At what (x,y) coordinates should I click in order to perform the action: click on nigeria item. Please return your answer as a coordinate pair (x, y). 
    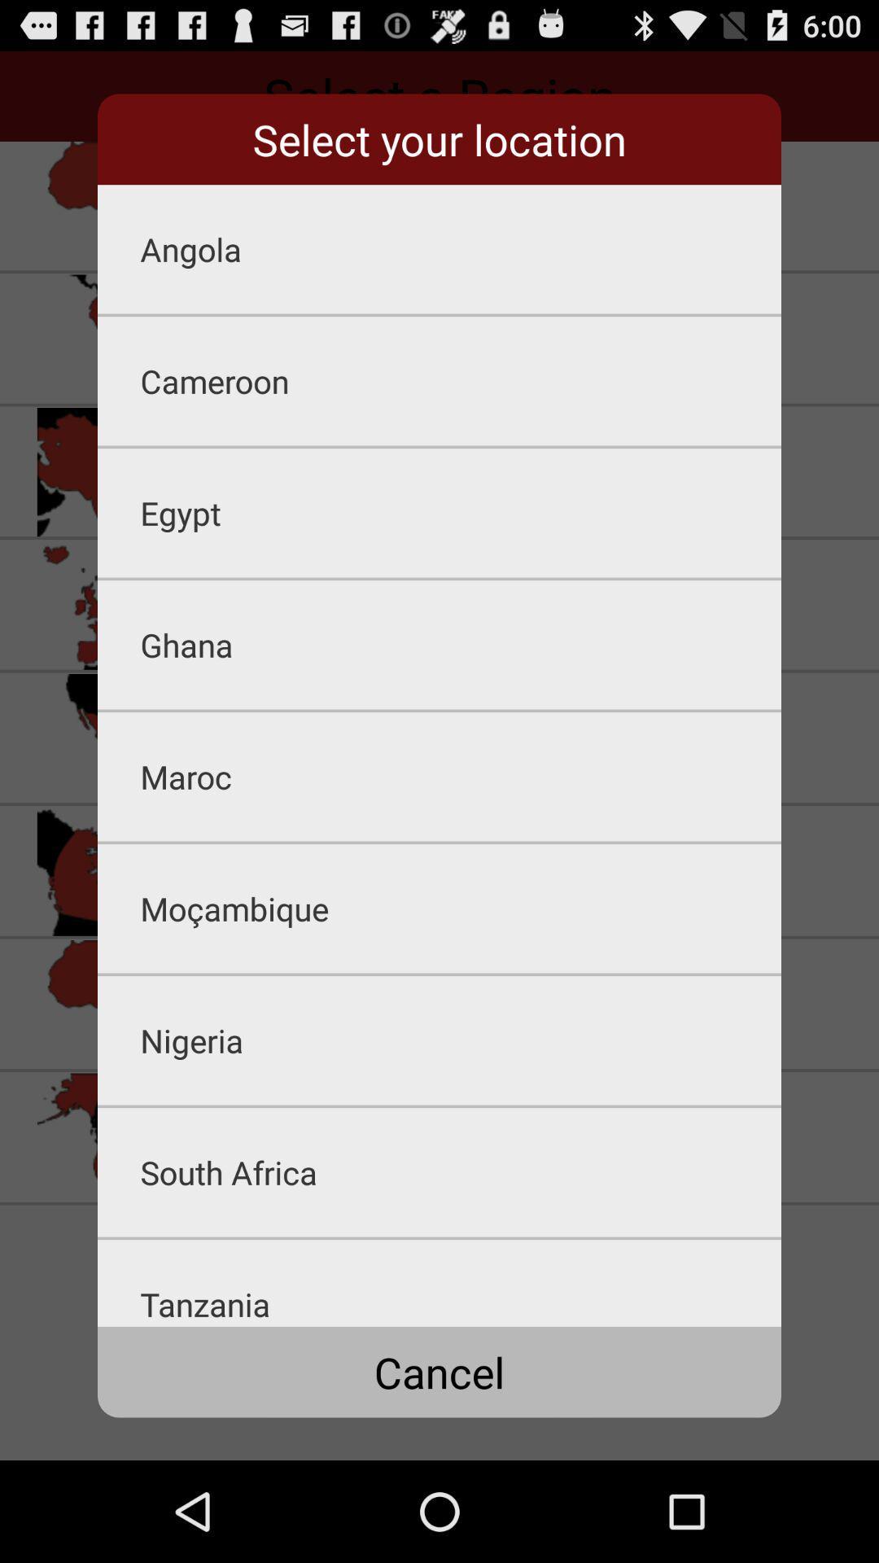
    Looking at the image, I should click on (461, 1040).